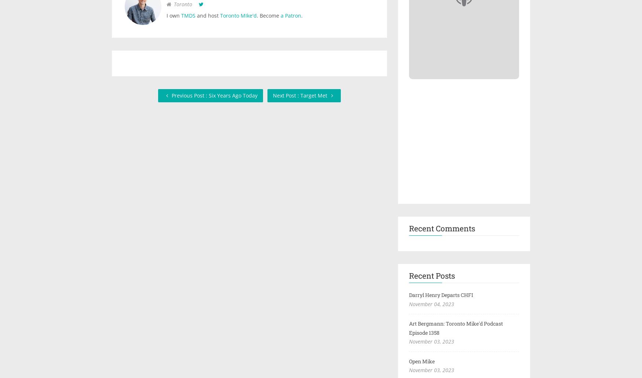 This screenshot has width=642, height=378. I want to click on 'Darryl Henry Departs CHFI', so click(441, 294).